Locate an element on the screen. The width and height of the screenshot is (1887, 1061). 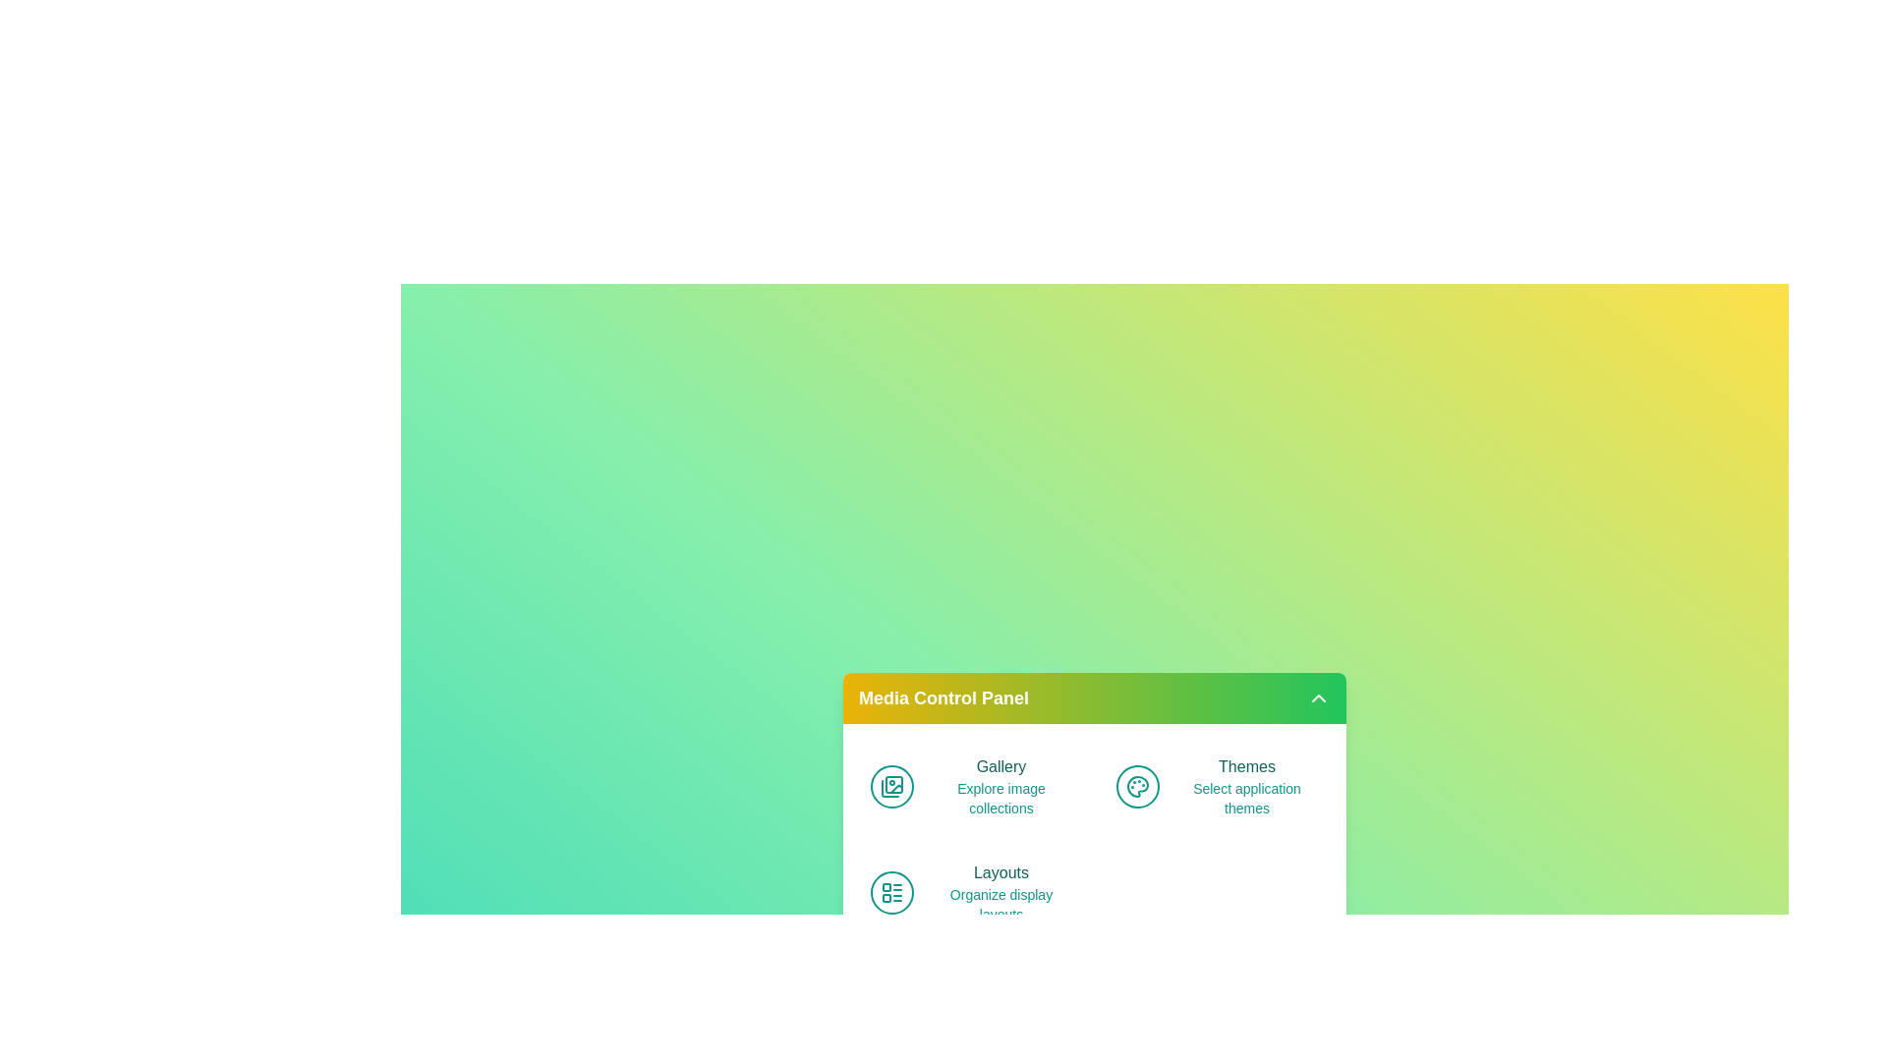
the expand/collapse button to toggle the panel visibility is located at coordinates (1319, 697).